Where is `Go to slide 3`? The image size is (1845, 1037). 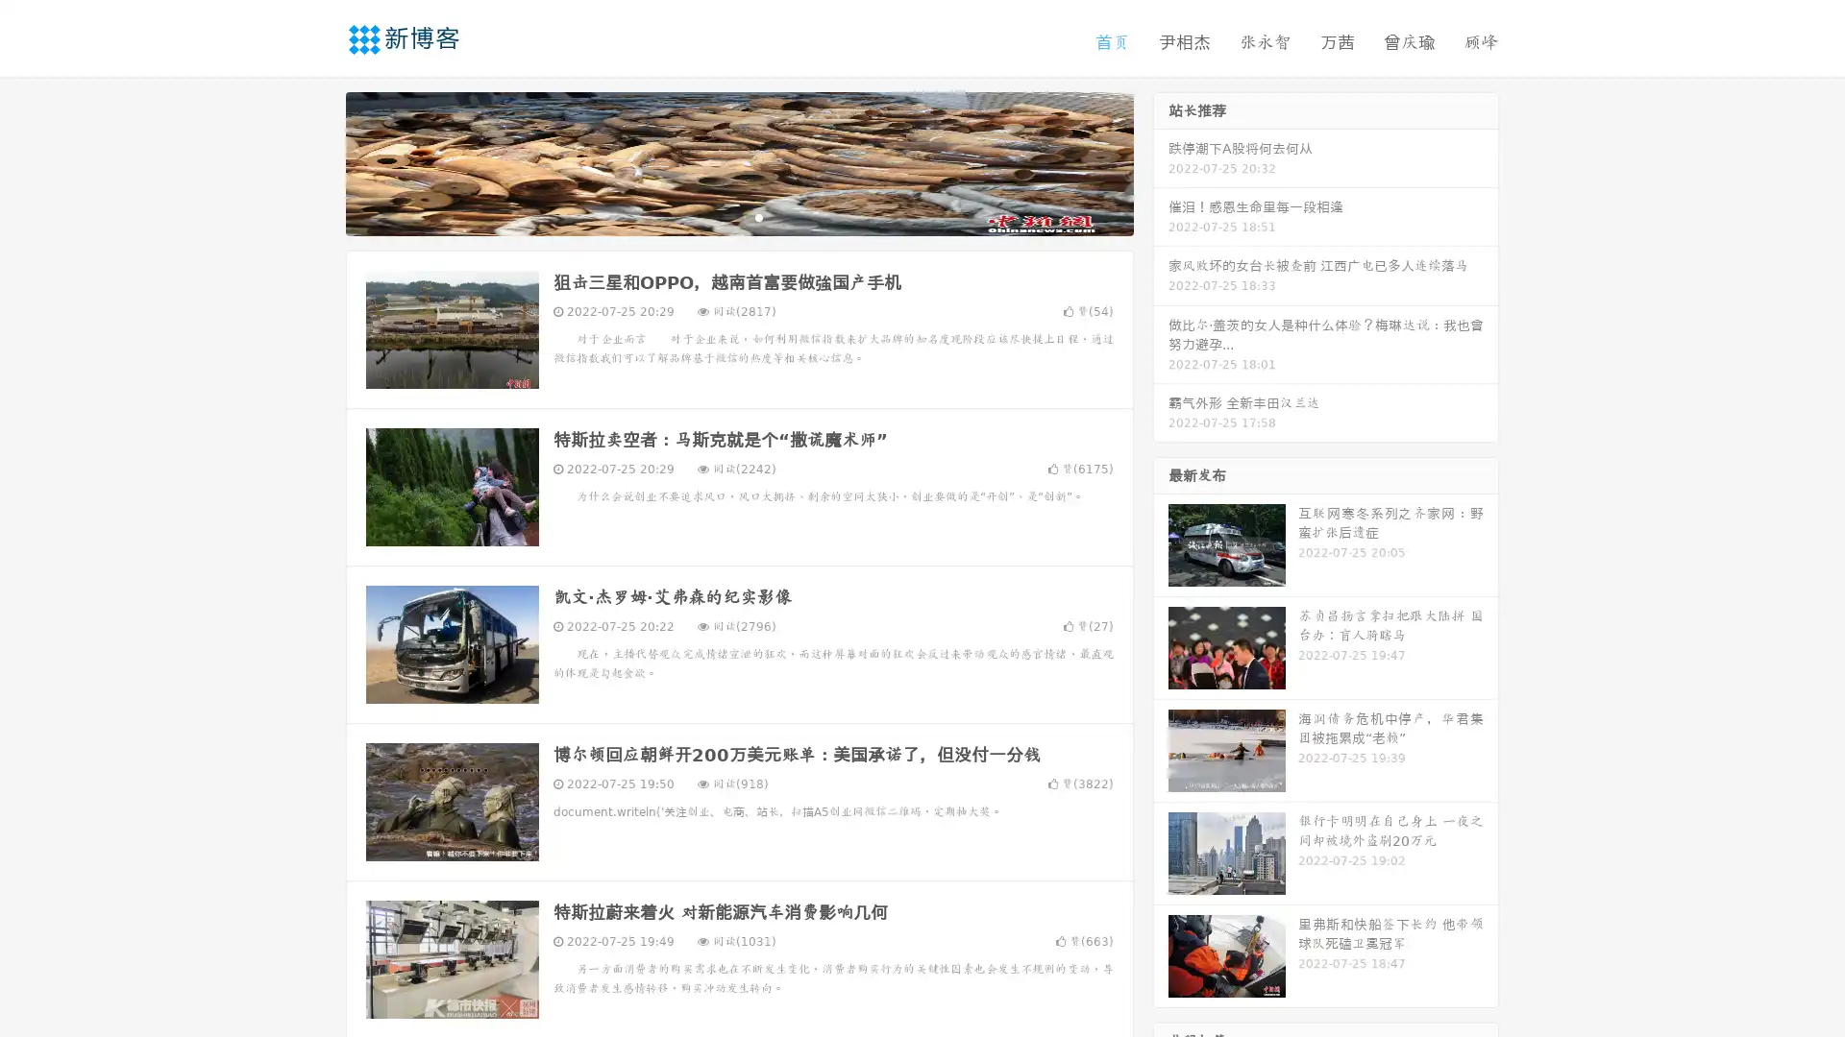
Go to slide 3 is located at coordinates (758, 216).